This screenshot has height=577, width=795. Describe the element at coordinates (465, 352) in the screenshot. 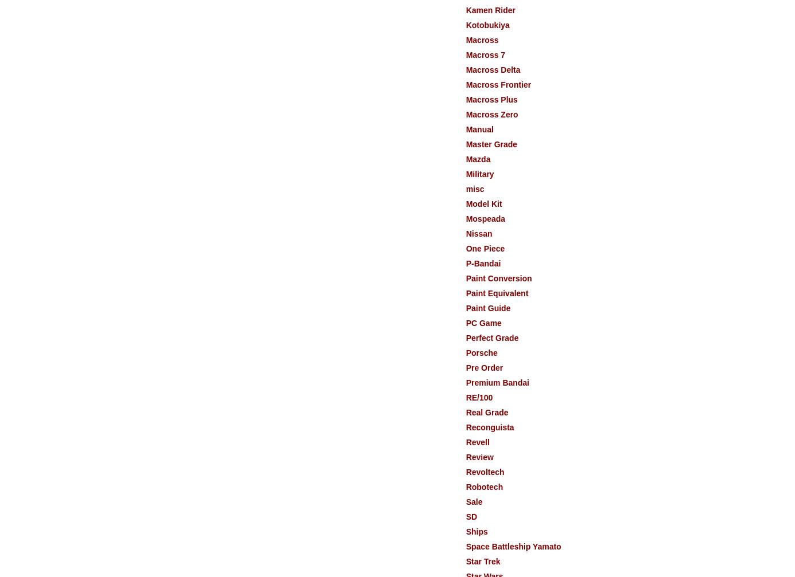

I see `'Porsche'` at that location.